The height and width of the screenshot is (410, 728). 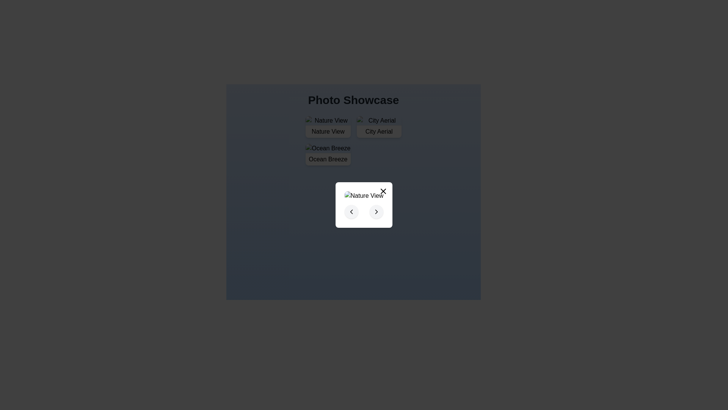 What do you see at coordinates (377, 212) in the screenshot?
I see `the round button with a light gray background and a black chevron icon pointing to the right` at bounding box center [377, 212].